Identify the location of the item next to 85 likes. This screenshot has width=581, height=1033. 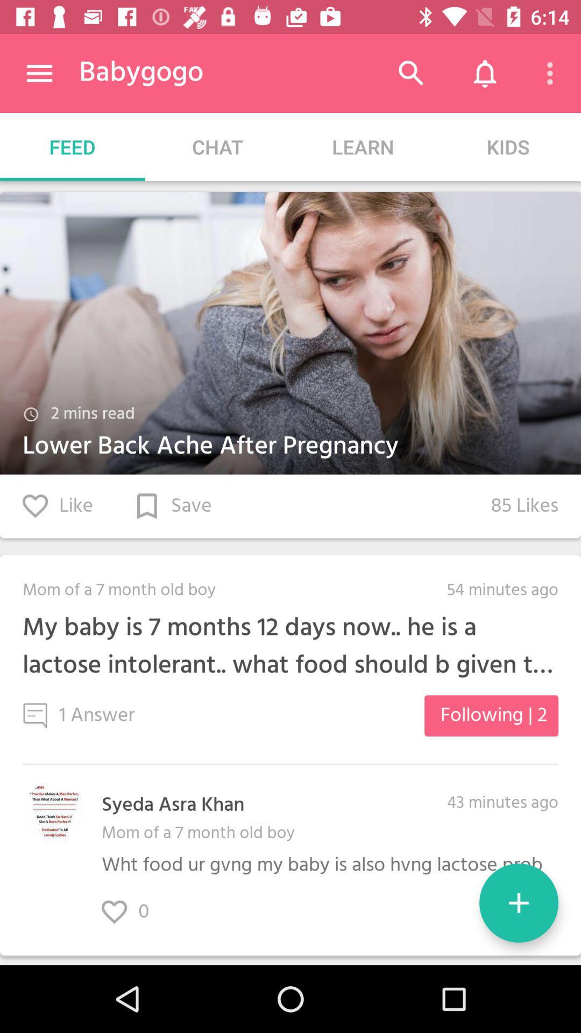
(173, 506).